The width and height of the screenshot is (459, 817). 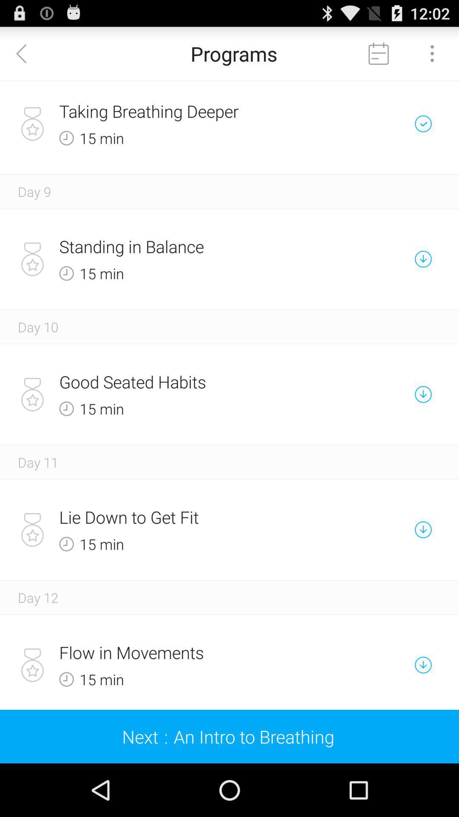 What do you see at coordinates (200, 246) in the screenshot?
I see `standing in balance` at bounding box center [200, 246].